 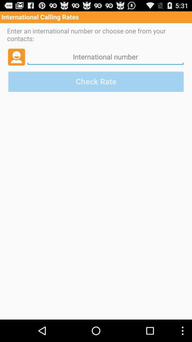 What do you see at coordinates (16, 56) in the screenshot?
I see `icon below the enter an international app` at bounding box center [16, 56].